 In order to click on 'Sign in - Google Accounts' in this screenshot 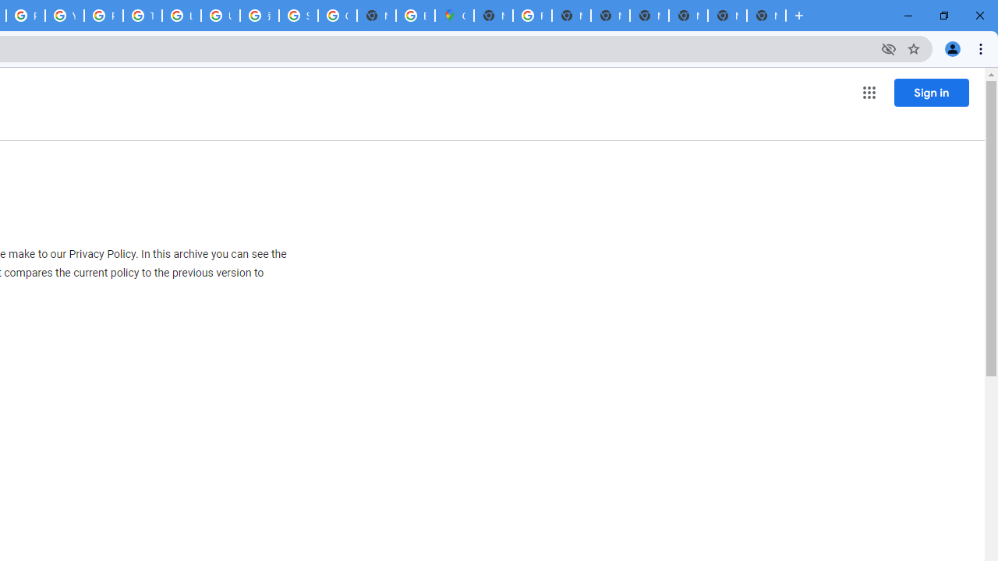, I will do `click(299, 16)`.